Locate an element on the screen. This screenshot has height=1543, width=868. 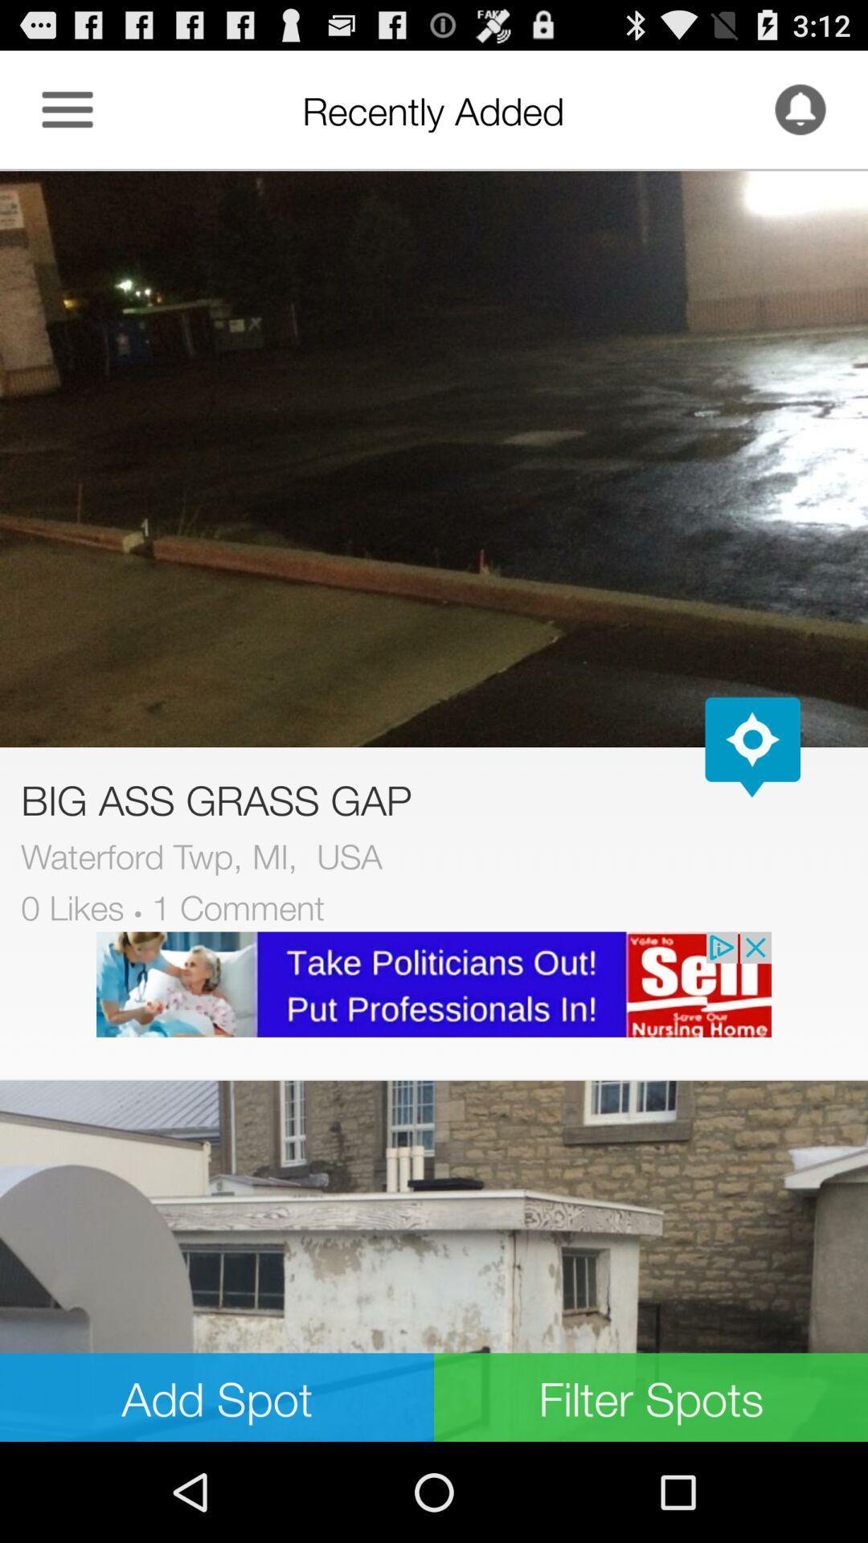
advertisement banner is located at coordinates (434, 984).